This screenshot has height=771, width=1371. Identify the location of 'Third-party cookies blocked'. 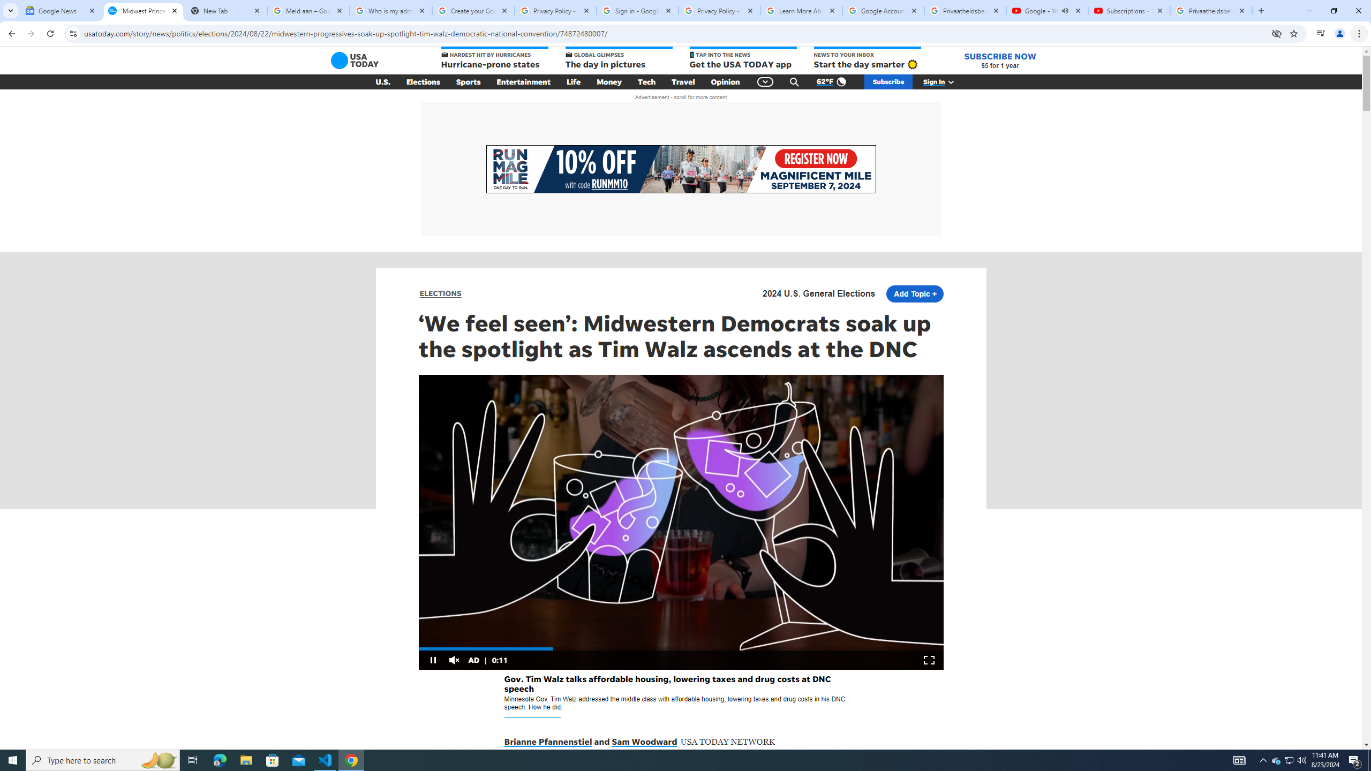
(1277, 33).